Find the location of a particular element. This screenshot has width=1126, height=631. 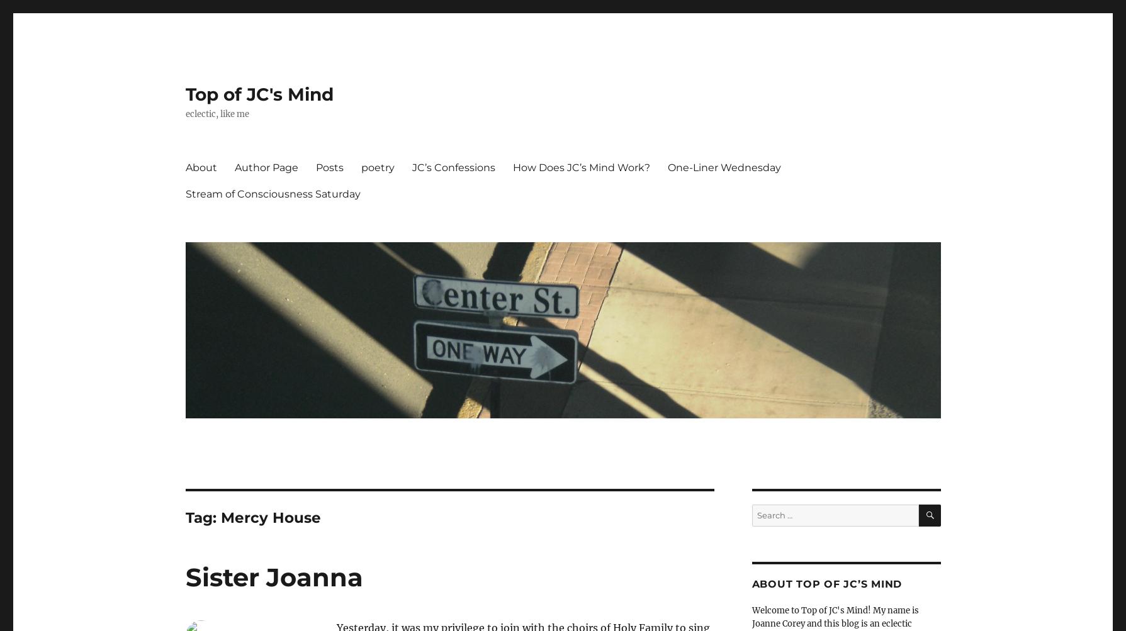

'About Top of JC’s Mind' is located at coordinates (826, 583).